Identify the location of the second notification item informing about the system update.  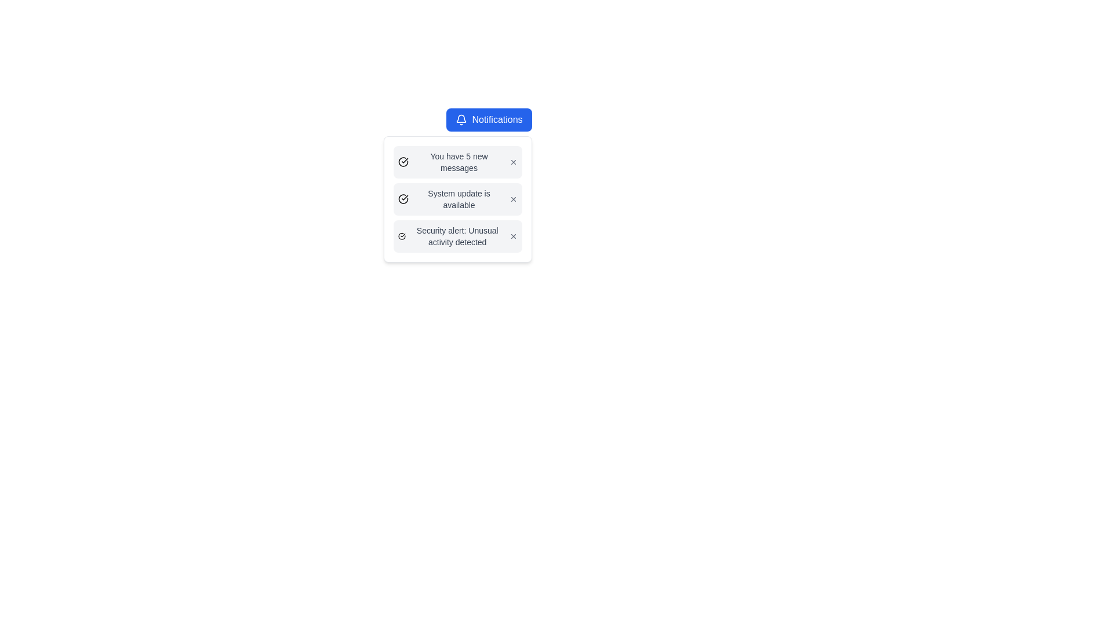
(457, 198).